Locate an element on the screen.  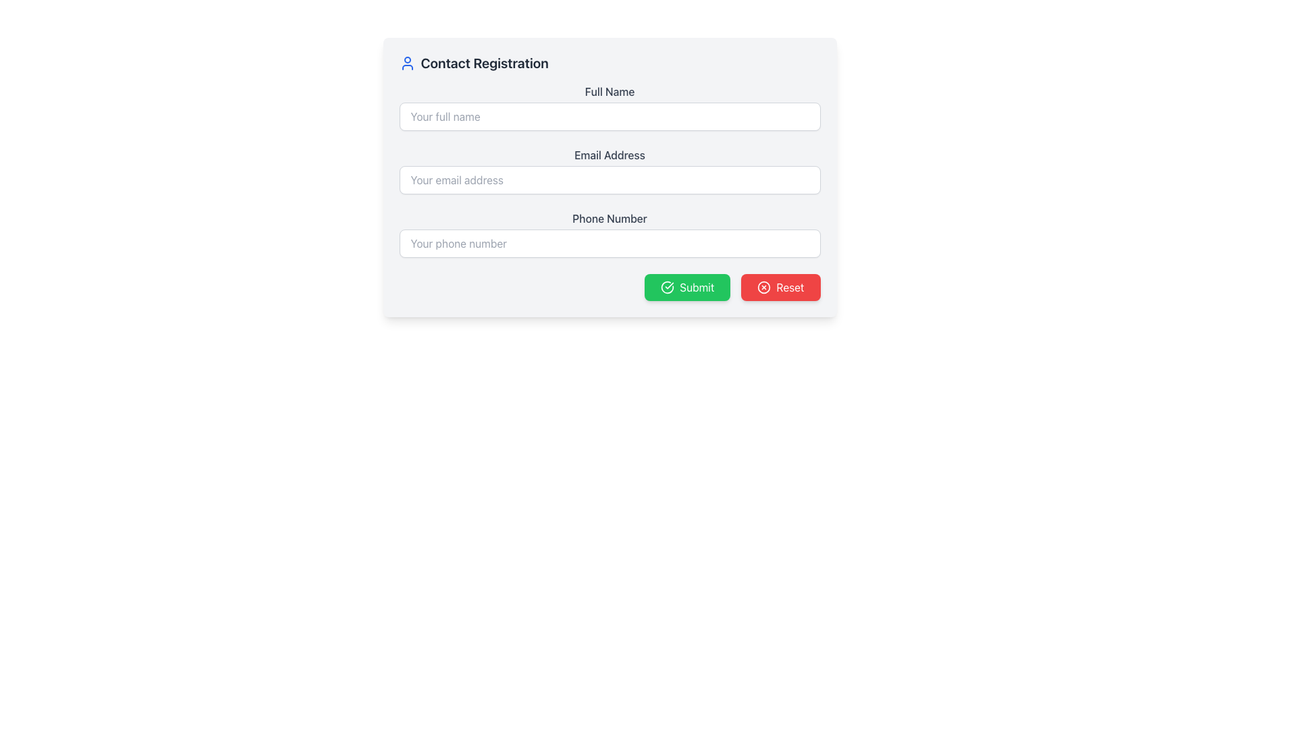
the label that provides instructions for the text input field below it, positioned at the top left of the form is located at coordinates (609, 91).